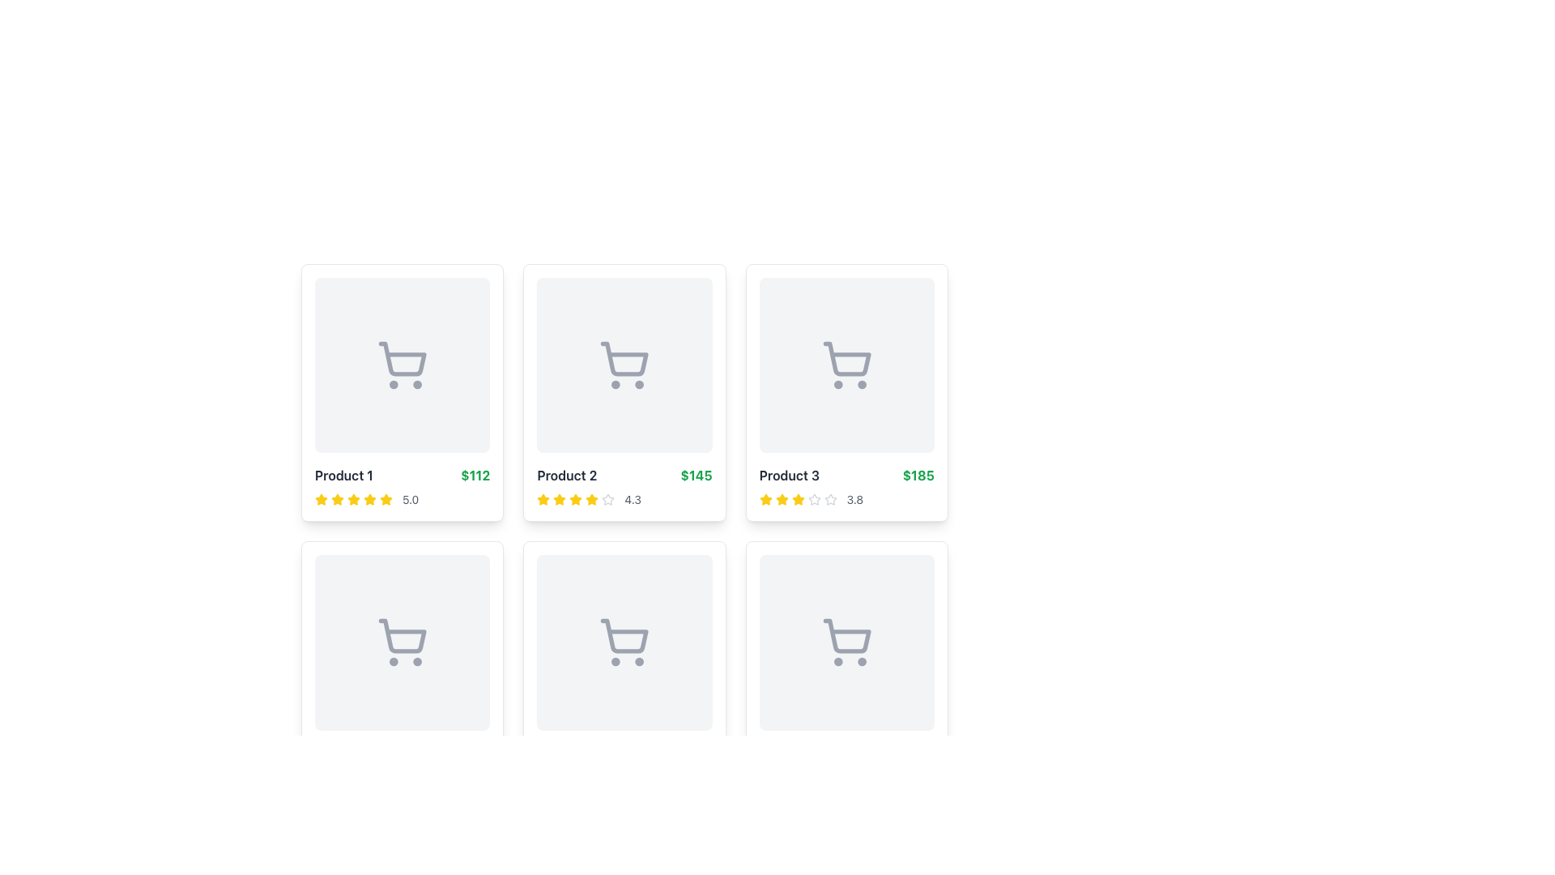  Describe the element at coordinates (841, 848) in the screenshot. I see `the pagination button labeled '3'` at that location.